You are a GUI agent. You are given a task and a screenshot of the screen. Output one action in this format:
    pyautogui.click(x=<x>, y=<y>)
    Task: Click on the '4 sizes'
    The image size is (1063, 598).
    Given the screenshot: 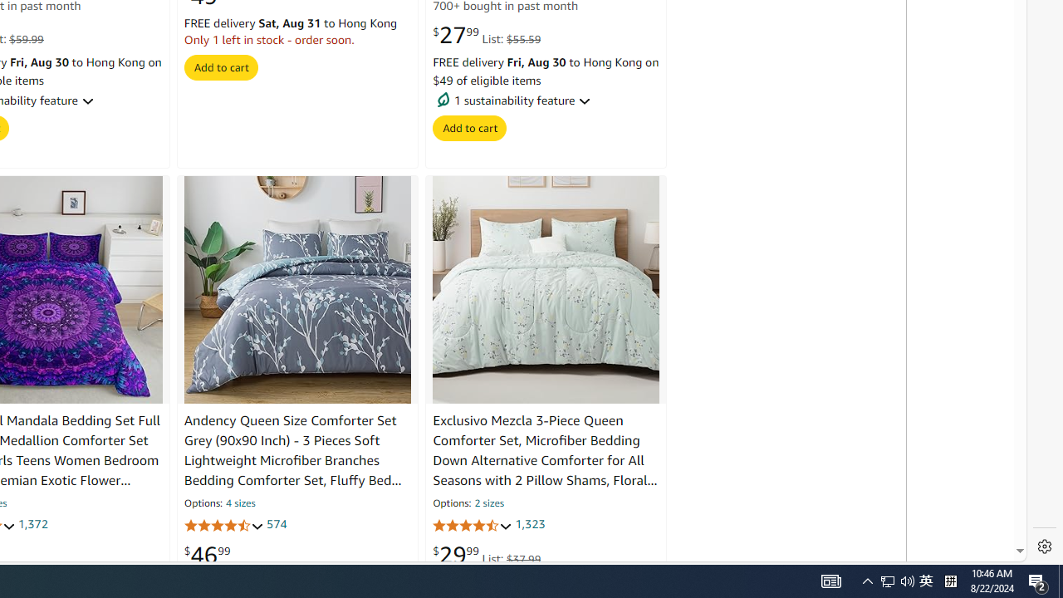 What is the action you would take?
    pyautogui.click(x=239, y=503)
    